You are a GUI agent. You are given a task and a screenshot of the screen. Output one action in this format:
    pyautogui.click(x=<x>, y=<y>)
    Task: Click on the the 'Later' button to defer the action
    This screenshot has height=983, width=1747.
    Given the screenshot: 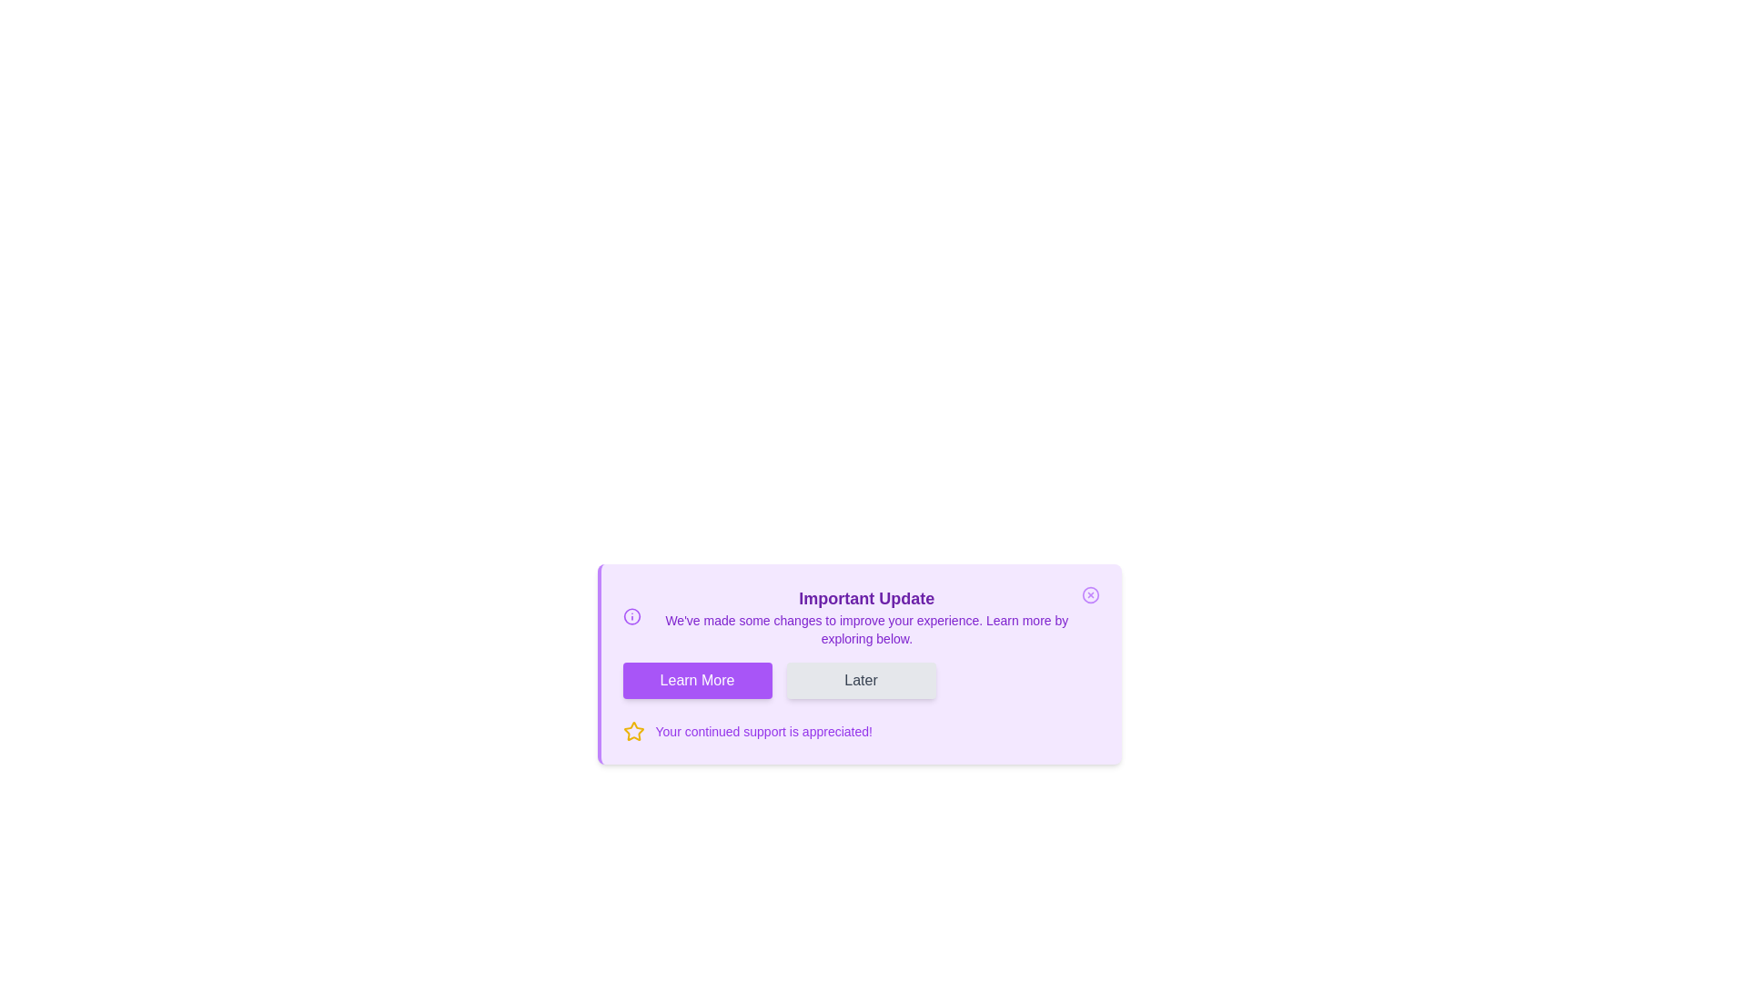 What is the action you would take?
    pyautogui.click(x=860, y=681)
    